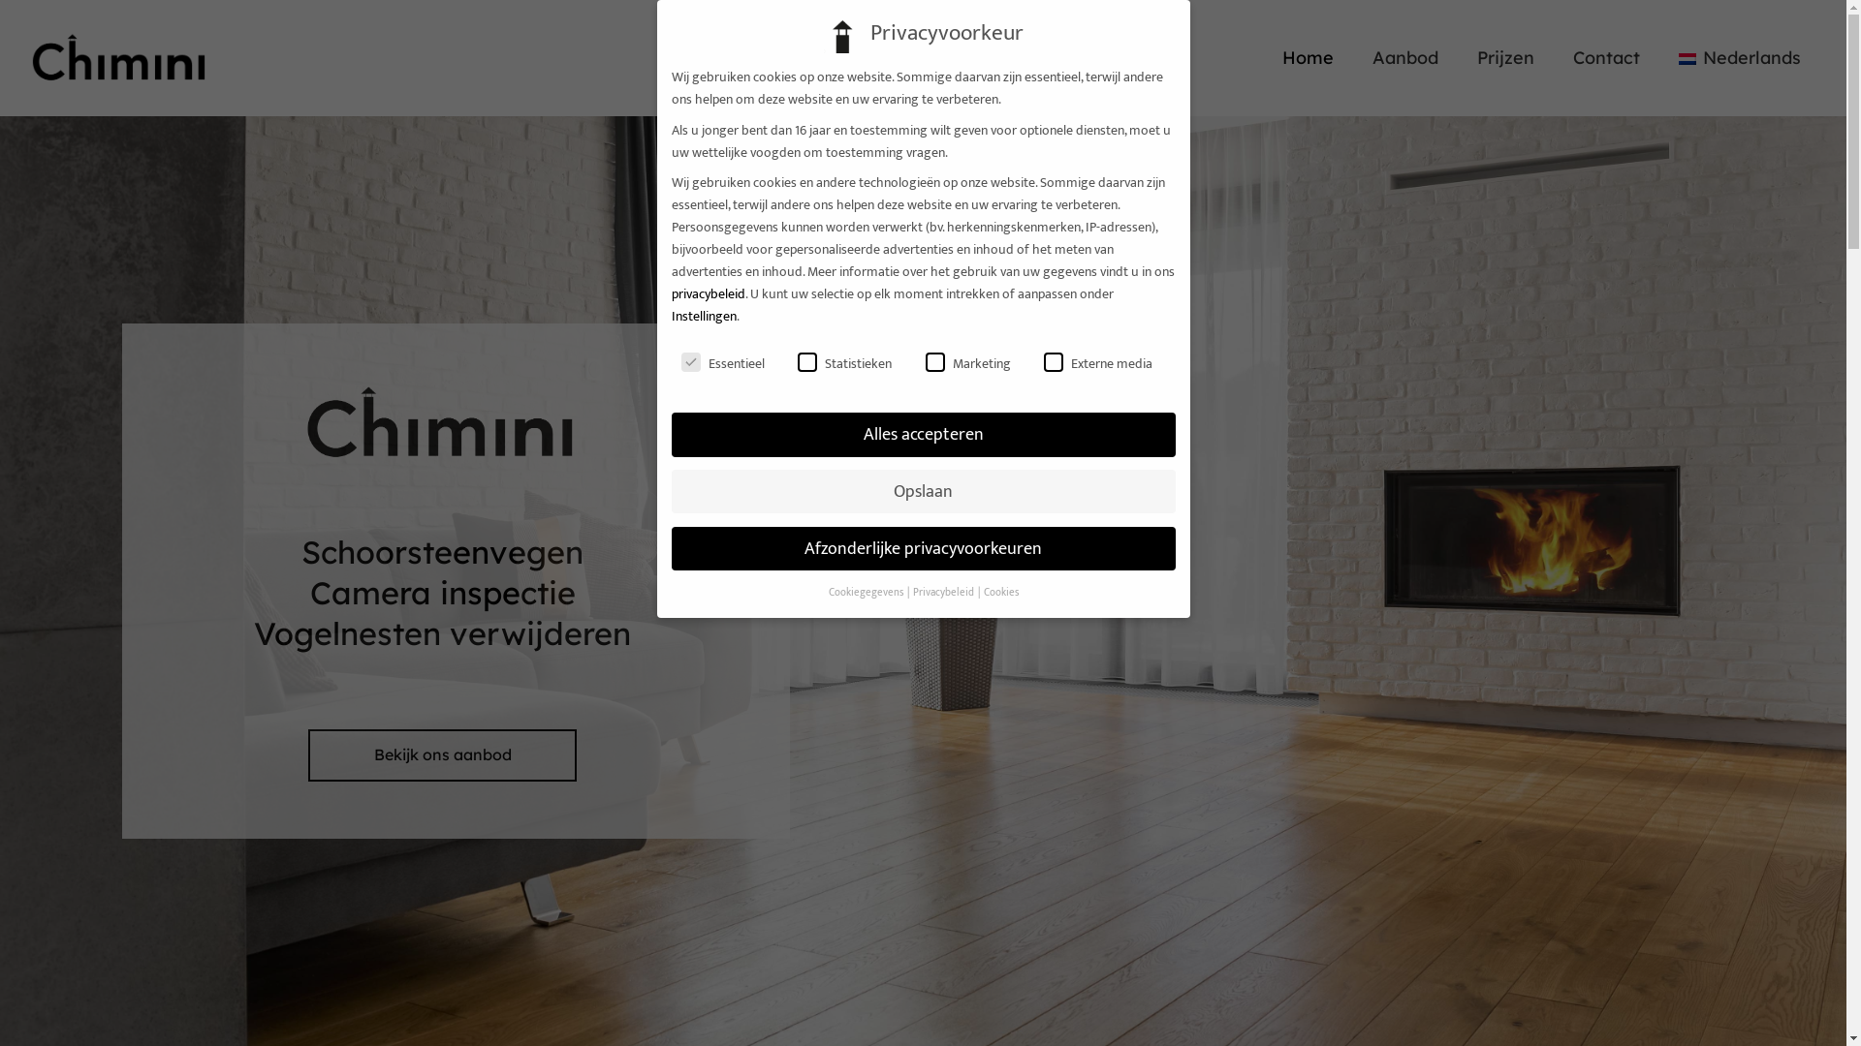 The width and height of the screenshot is (1861, 1046). What do you see at coordinates (944, 592) in the screenshot?
I see `'Privacybeleid'` at bounding box center [944, 592].